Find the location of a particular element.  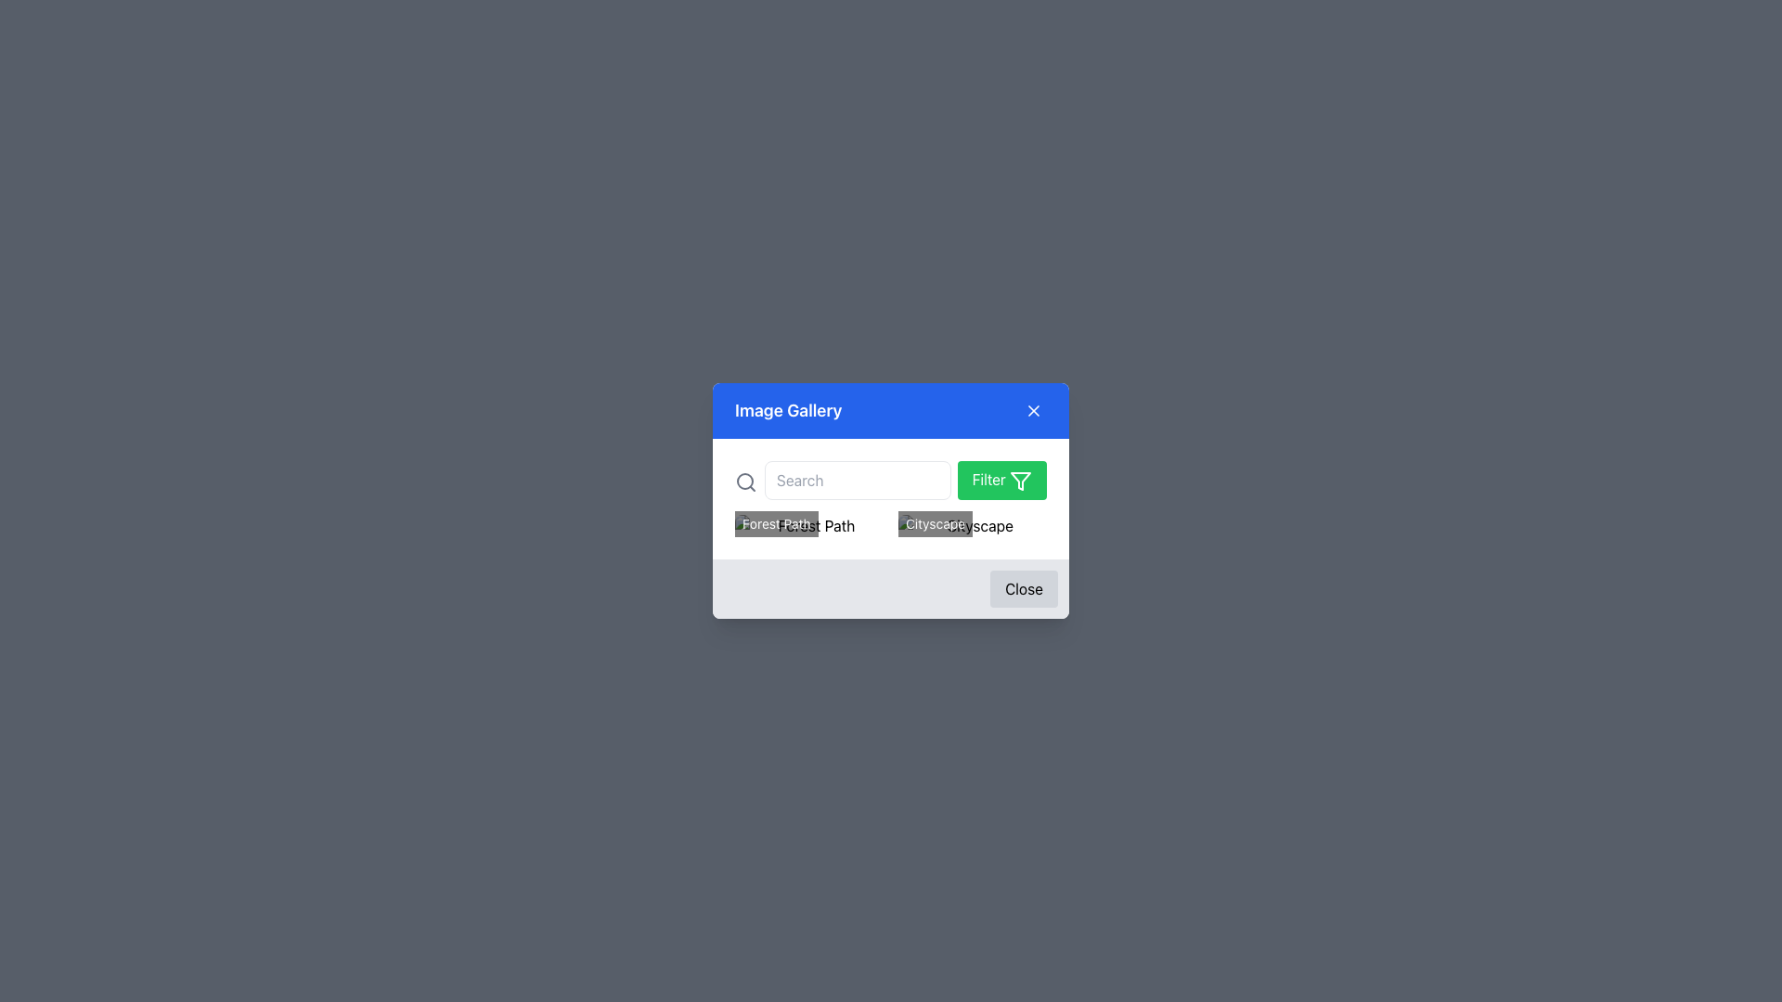

the 'Close' button with a gray background and rounded corners located in the lower right corner of the modal dialog is located at coordinates (891, 589).